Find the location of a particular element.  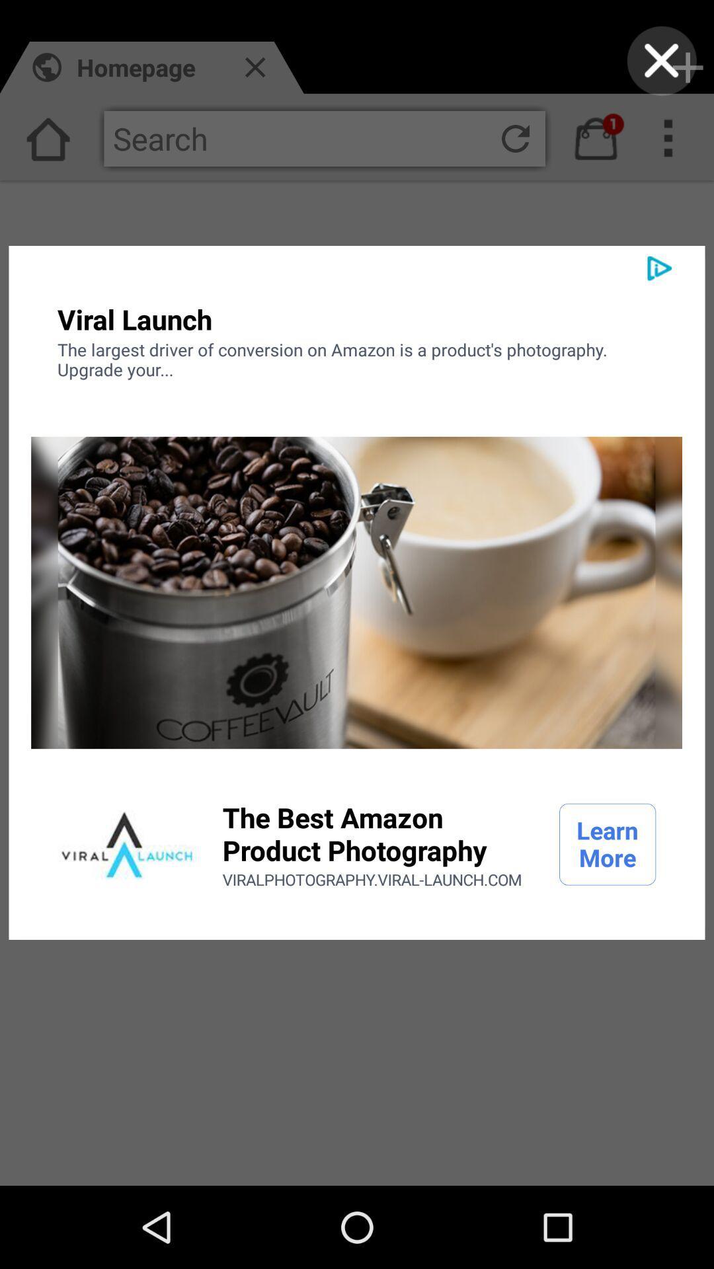

exit out is located at coordinates (662, 60).